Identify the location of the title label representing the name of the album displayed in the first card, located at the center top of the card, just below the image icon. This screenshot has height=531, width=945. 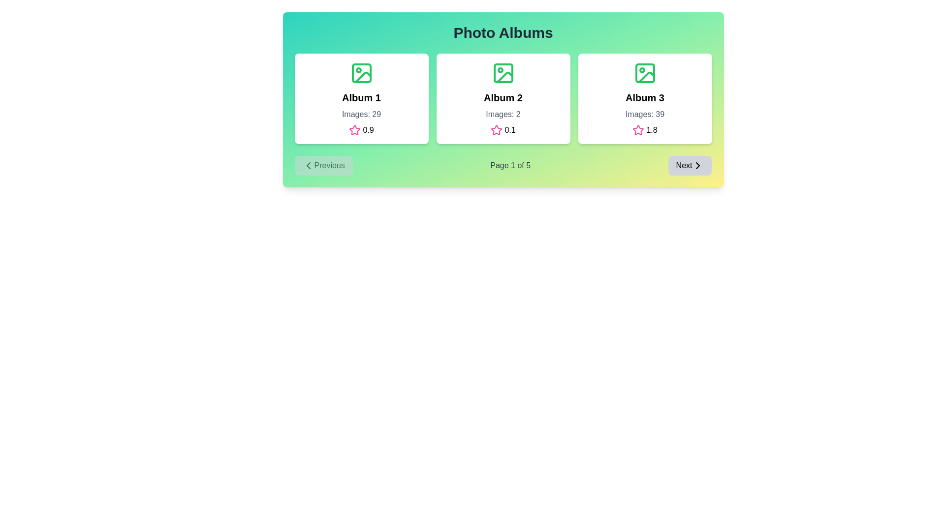
(361, 98).